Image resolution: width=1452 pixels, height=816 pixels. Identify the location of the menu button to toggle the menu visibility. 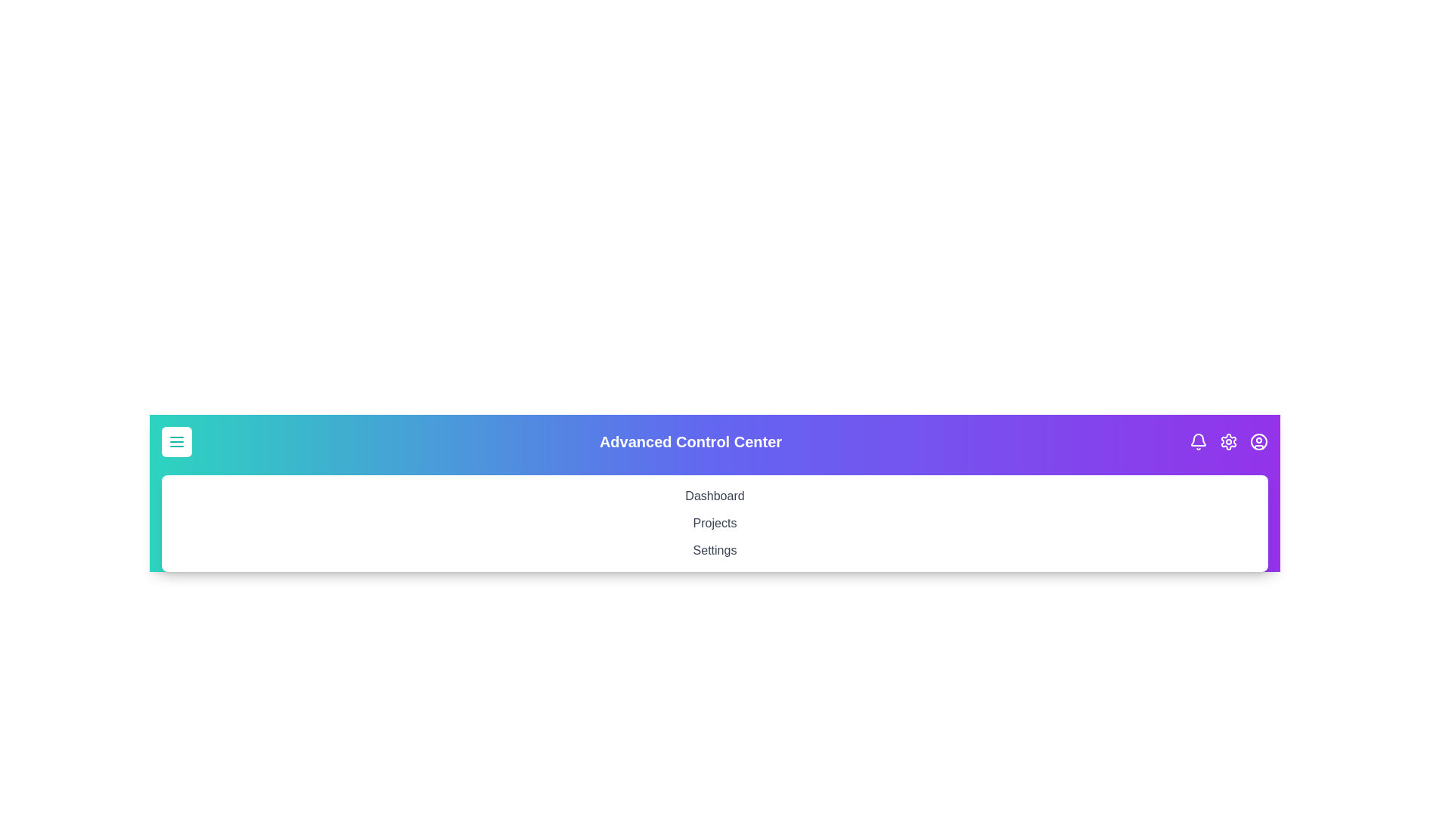
(177, 442).